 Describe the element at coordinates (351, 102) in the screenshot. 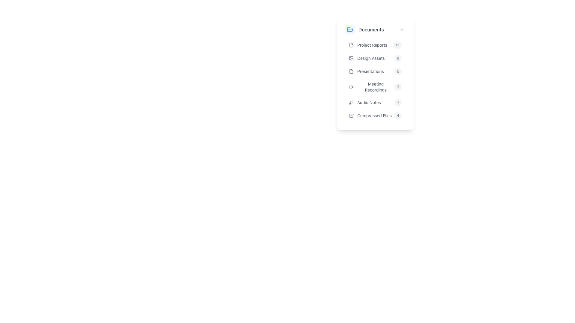

I see `the musical note icon, which is gray and changes to blue when hovered, located next to the text 'Audio Notes' in the 'Documents' list` at that location.